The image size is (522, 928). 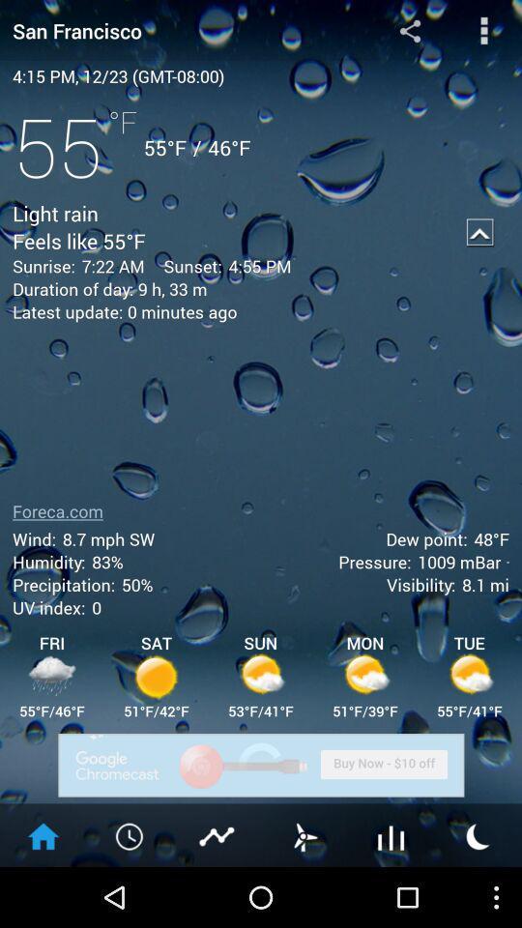 What do you see at coordinates (409, 29) in the screenshot?
I see `share the forecast` at bounding box center [409, 29].